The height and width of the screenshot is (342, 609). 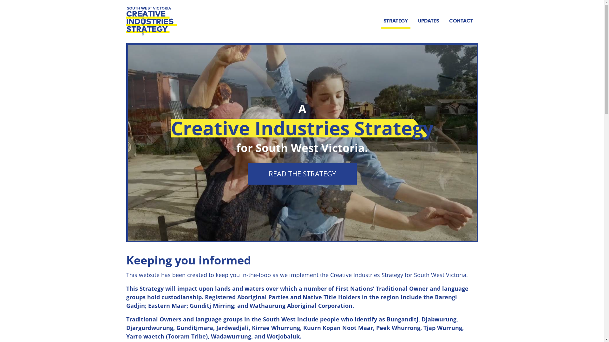 I want to click on 'READ THE STRATEGY', so click(x=301, y=174).